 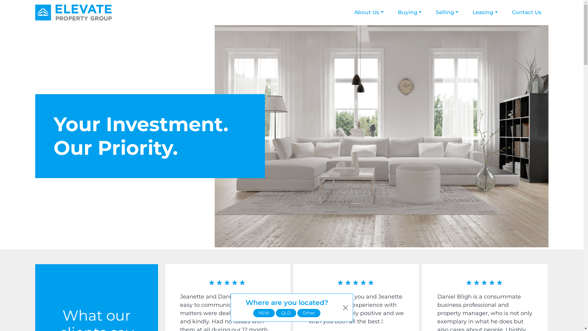 I want to click on 'About Us', so click(x=368, y=13).